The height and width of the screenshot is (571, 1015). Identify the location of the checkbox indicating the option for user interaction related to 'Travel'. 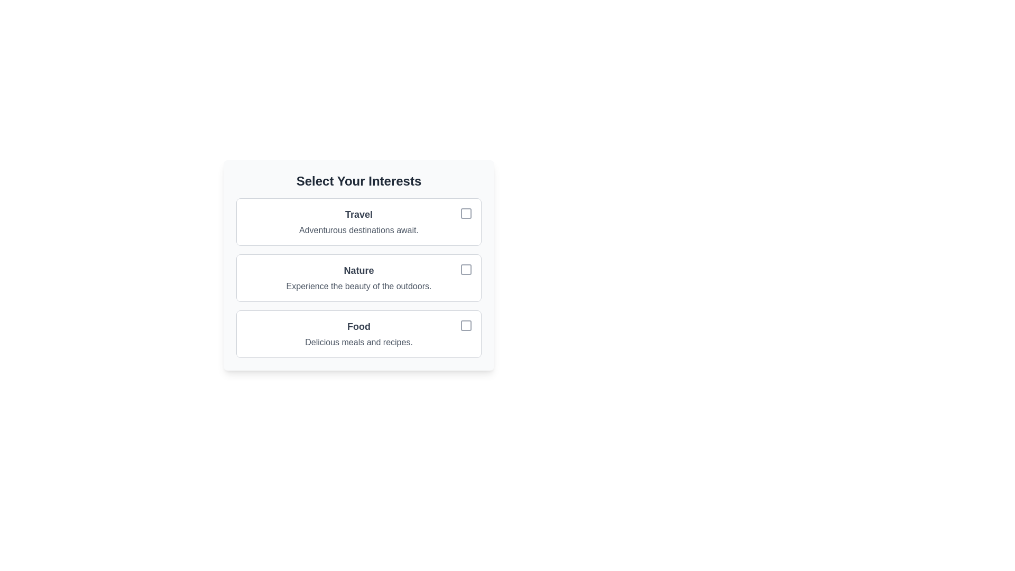
(466, 214).